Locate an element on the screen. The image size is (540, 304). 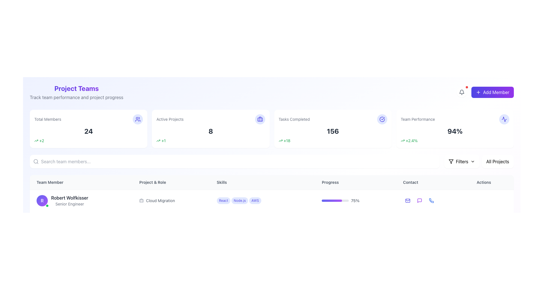
large, bold percentage value '94%' displayed in dark gray color within the 'Team Performance' card is located at coordinates (455, 131).